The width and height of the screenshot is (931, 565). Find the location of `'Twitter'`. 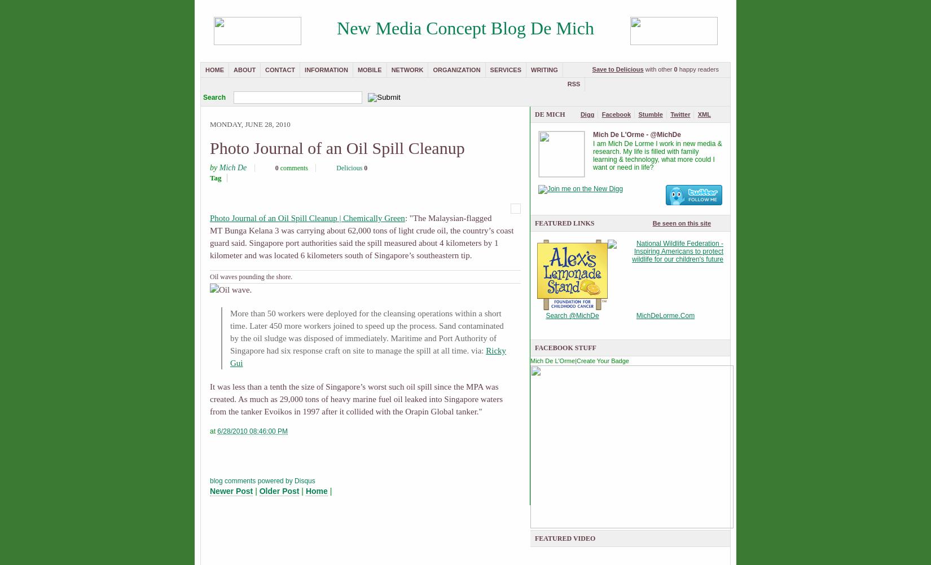

'Twitter' is located at coordinates (670, 114).